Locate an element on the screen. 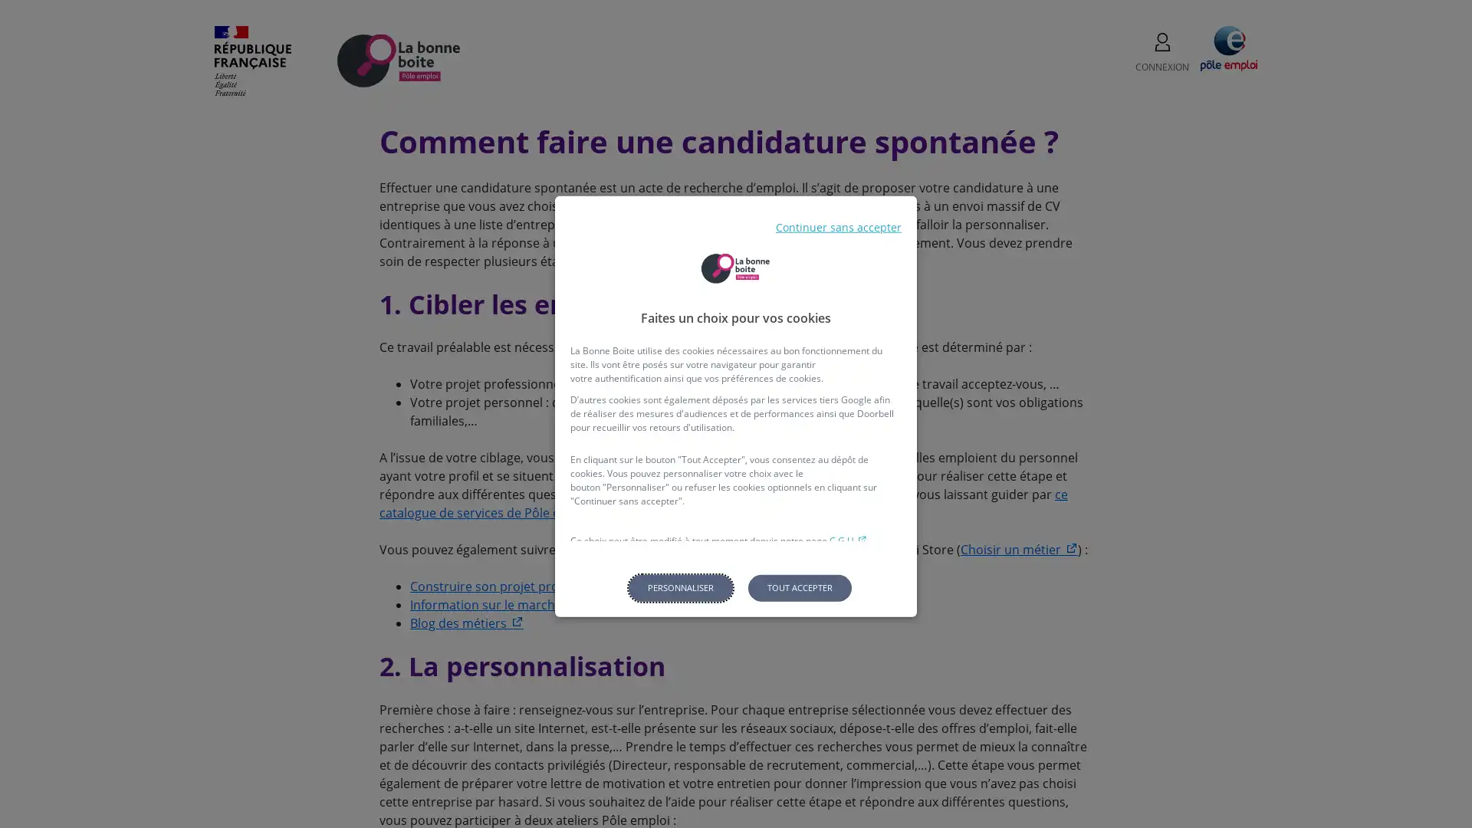  Personnaliser les parametres de confidentialite is located at coordinates (679, 586).